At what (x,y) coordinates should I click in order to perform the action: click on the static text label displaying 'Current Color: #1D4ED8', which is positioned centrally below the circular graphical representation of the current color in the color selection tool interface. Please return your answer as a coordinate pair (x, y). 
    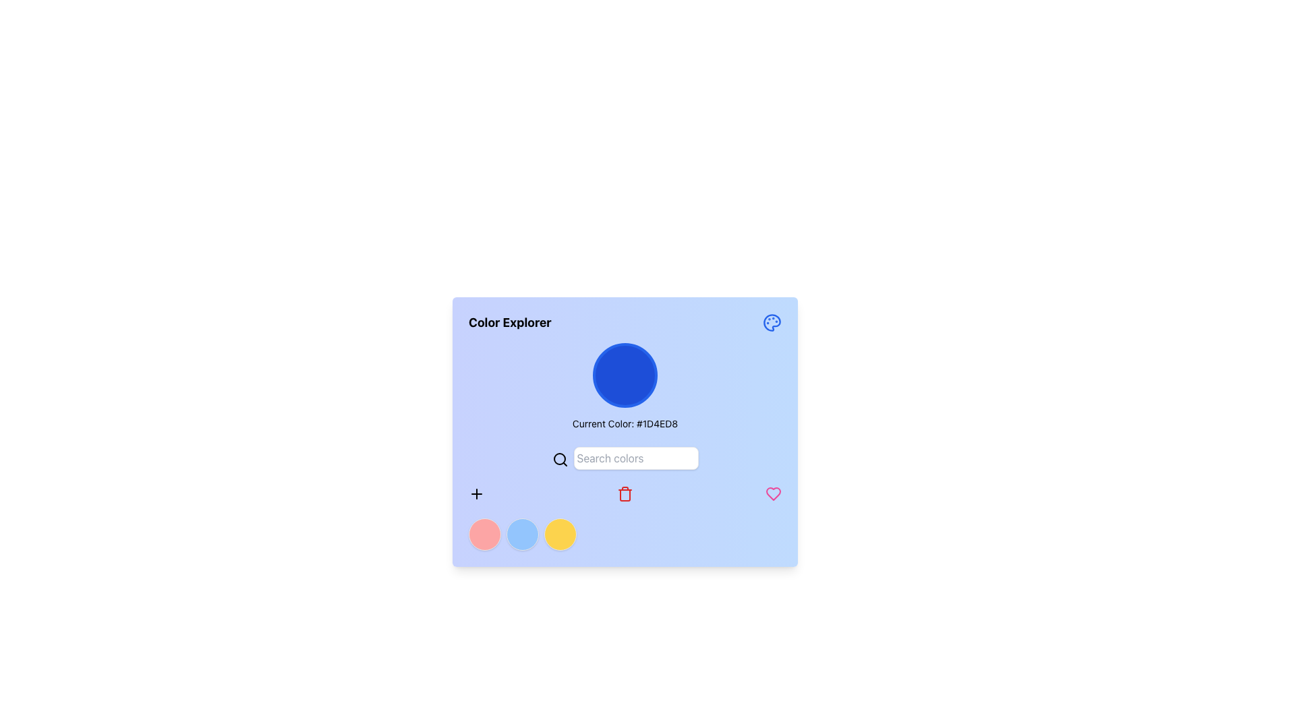
    Looking at the image, I should click on (624, 423).